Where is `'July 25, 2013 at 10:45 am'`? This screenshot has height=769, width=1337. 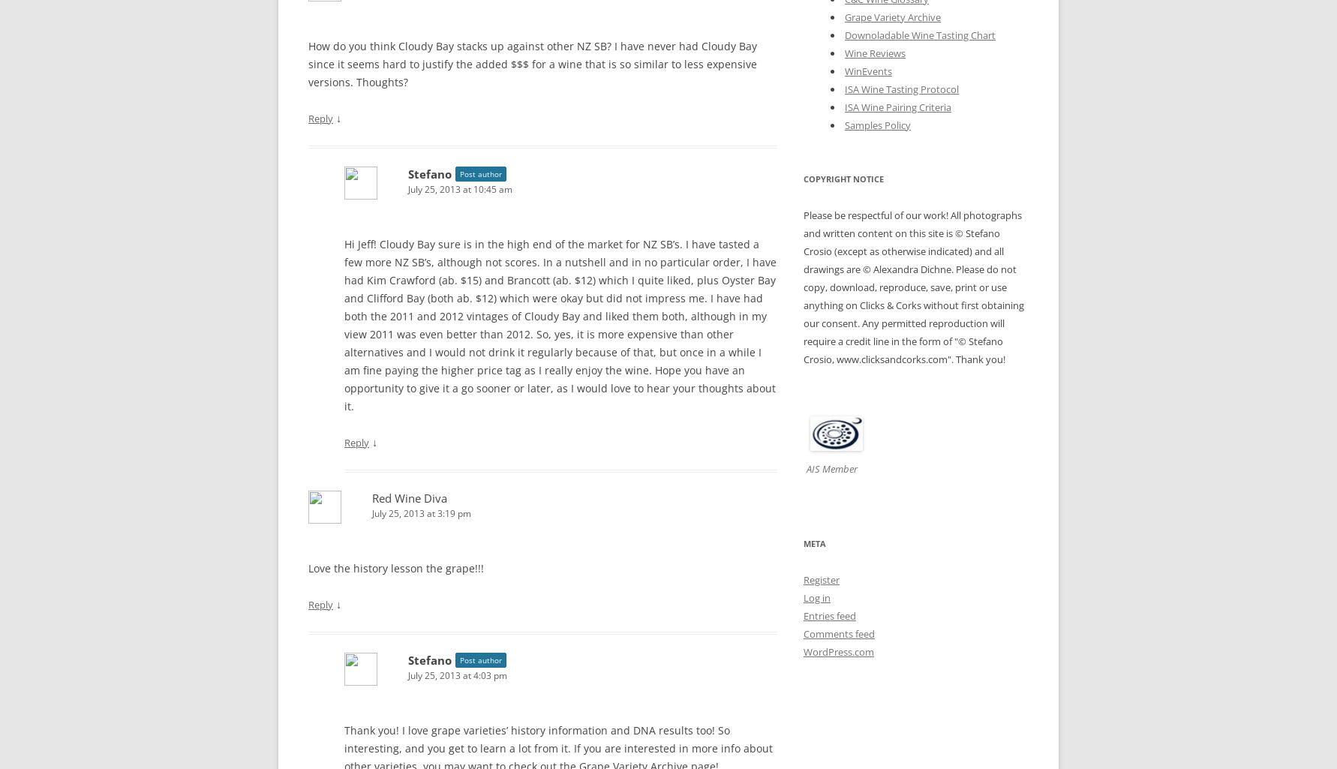 'July 25, 2013 at 10:45 am' is located at coordinates (460, 188).